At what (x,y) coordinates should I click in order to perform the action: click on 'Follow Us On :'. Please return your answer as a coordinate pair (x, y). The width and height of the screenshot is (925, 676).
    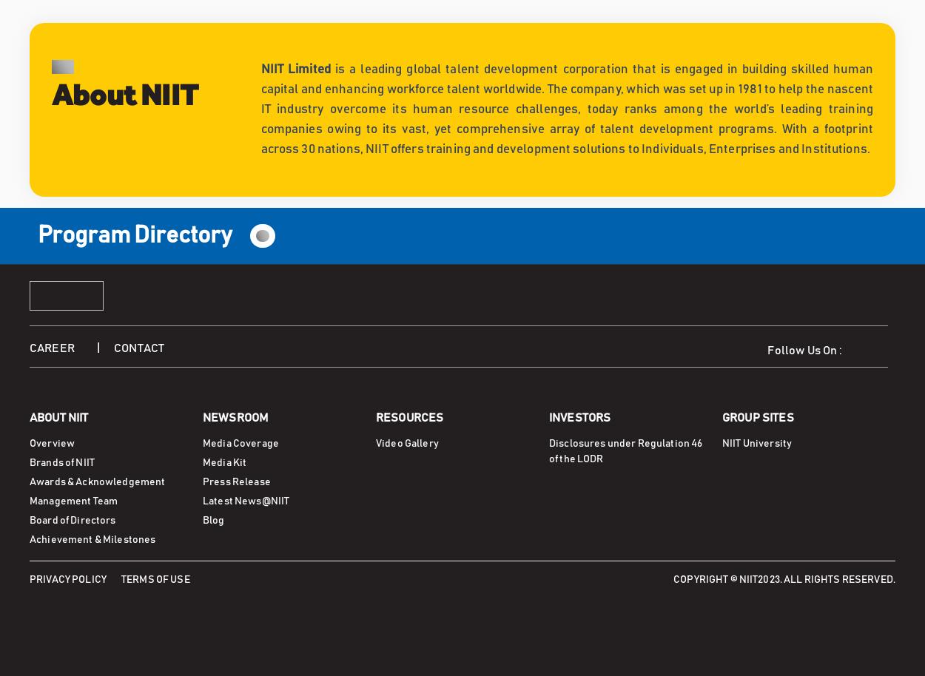
    Looking at the image, I should click on (807, 351).